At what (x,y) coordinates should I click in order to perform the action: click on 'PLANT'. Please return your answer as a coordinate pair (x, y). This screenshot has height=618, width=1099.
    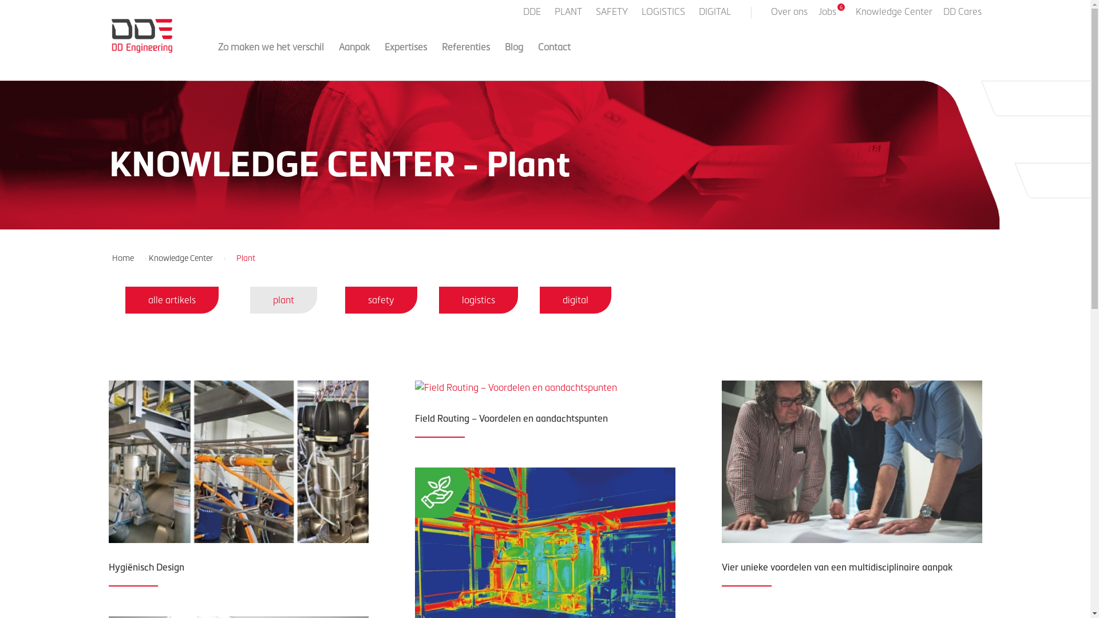
    Looking at the image, I should click on (554, 15).